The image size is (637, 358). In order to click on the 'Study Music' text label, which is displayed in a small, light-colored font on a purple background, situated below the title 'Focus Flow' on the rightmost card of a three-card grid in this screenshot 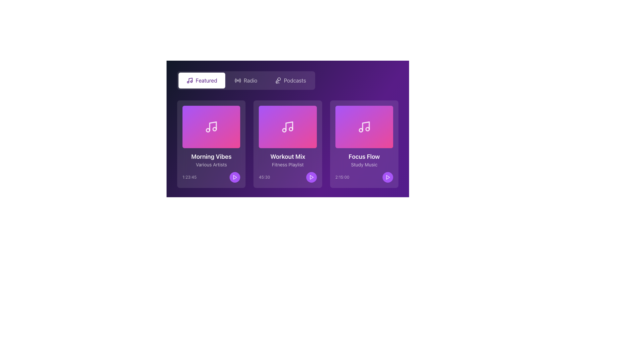, I will do `click(364, 164)`.